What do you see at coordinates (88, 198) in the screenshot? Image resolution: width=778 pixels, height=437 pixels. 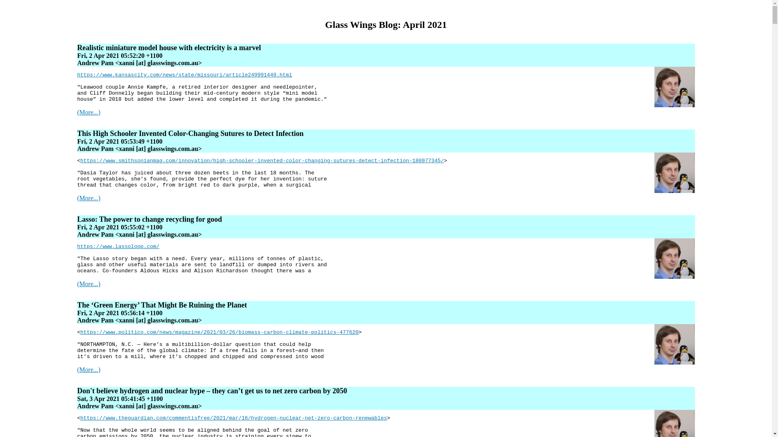 I see `'(More...)'` at bounding box center [88, 198].